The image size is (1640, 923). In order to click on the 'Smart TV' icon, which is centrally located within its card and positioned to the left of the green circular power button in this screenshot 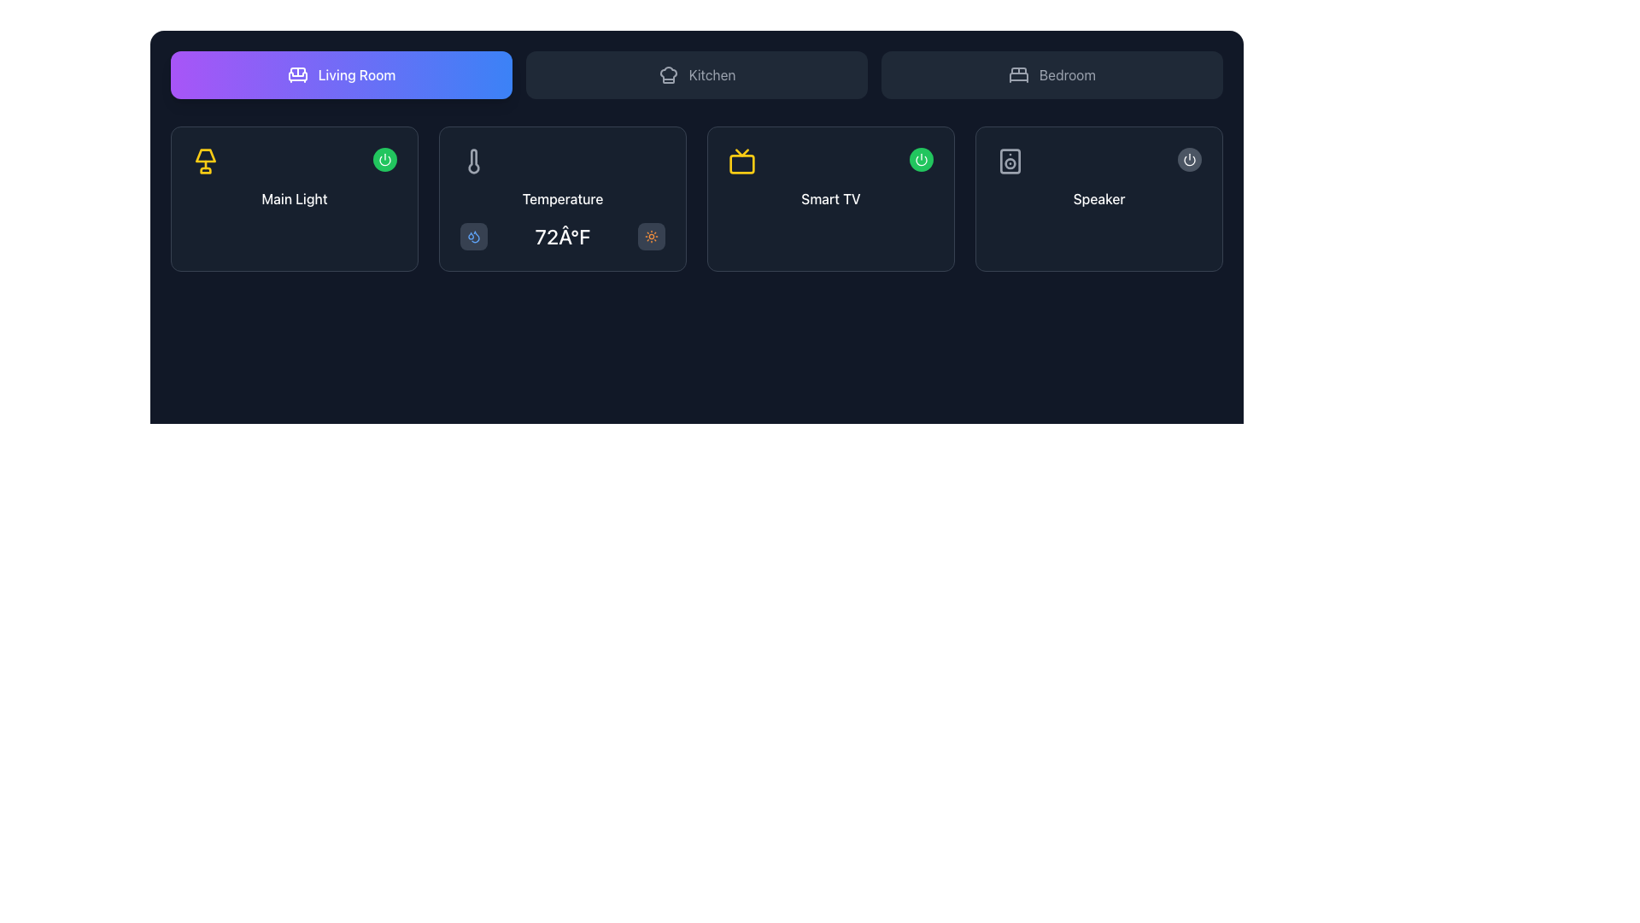, I will do `click(741, 162)`.